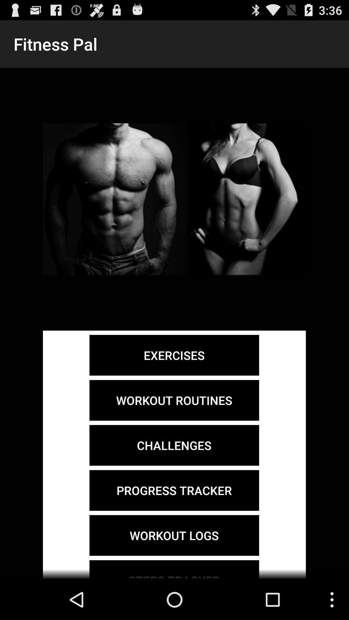  Describe the element at coordinates (174, 535) in the screenshot. I see `icon below the progress tracker item` at that location.